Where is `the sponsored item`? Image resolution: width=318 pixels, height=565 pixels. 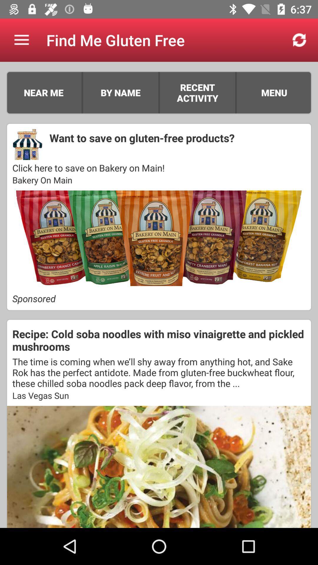 the sponsored item is located at coordinates (159, 298).